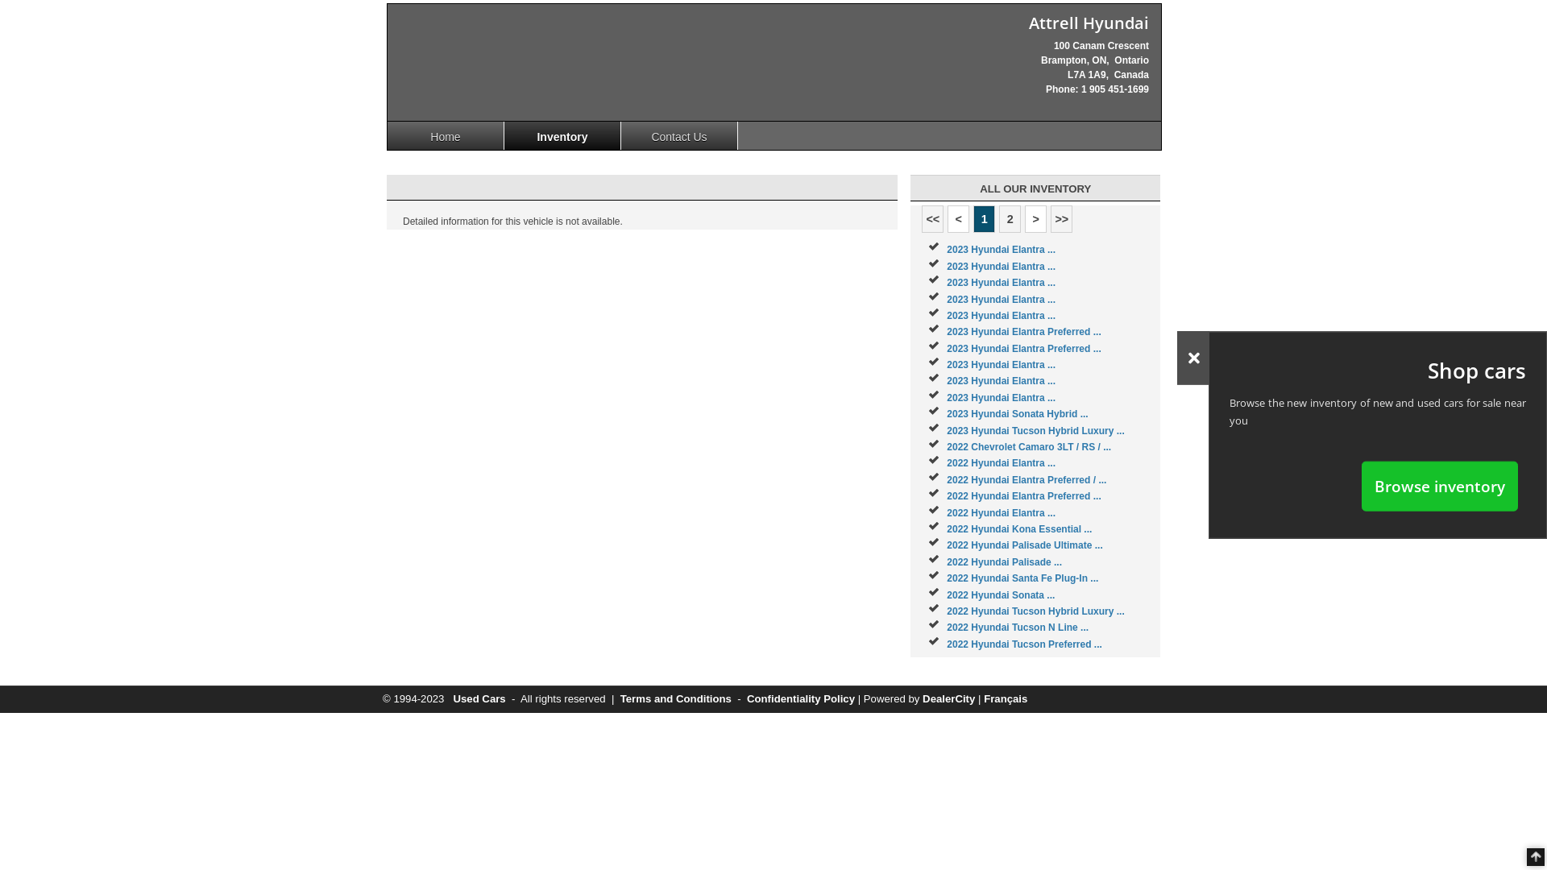 The height and width of the screenshot is (870, 1547). I want to click on '>>', so click(1061, 219).